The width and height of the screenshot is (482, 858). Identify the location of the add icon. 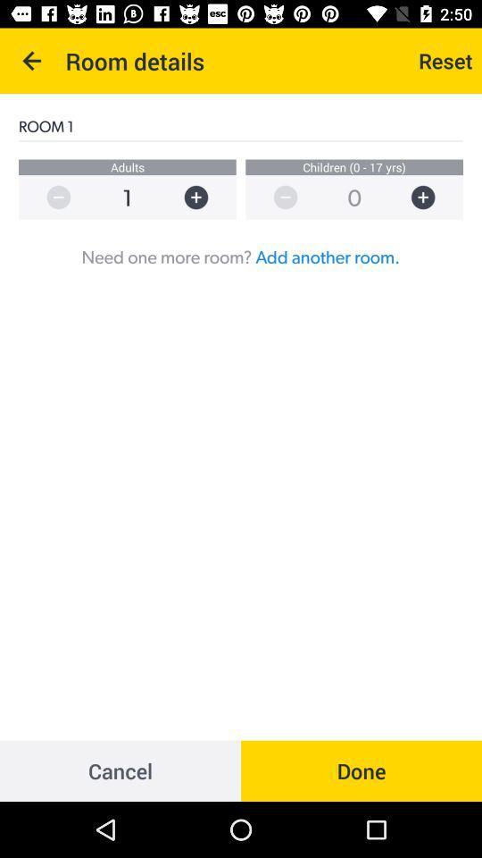
(204, 198).